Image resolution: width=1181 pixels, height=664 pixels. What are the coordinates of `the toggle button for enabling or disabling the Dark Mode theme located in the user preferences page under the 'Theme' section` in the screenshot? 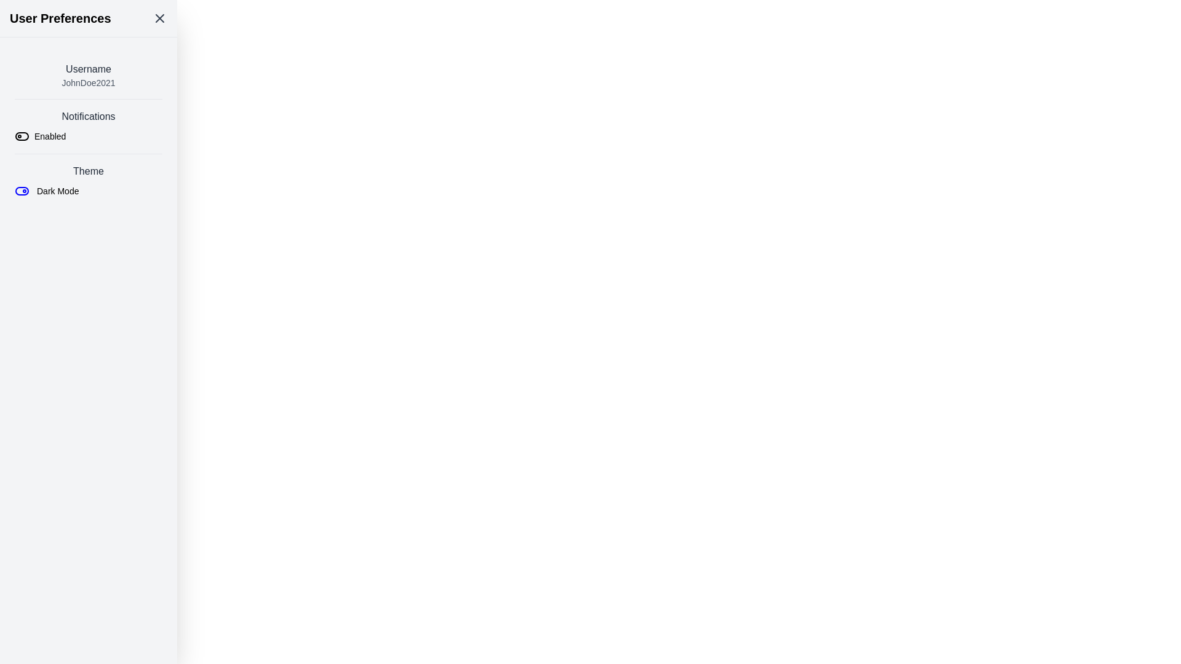 It's located at (88, 191).